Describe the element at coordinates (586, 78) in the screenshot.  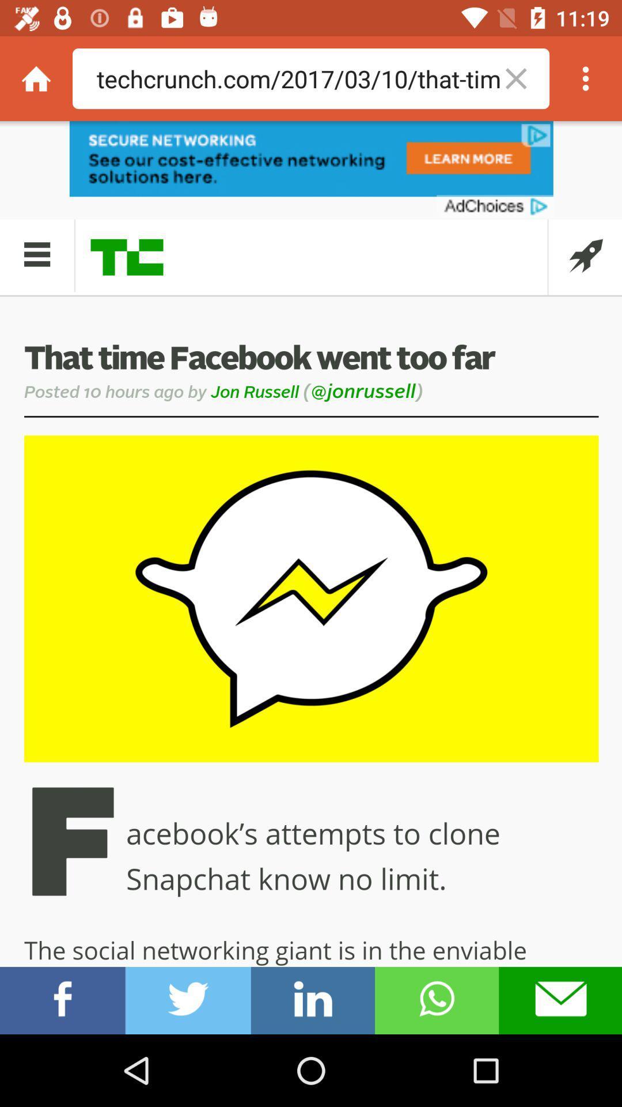
I see `browser settings` at that location.